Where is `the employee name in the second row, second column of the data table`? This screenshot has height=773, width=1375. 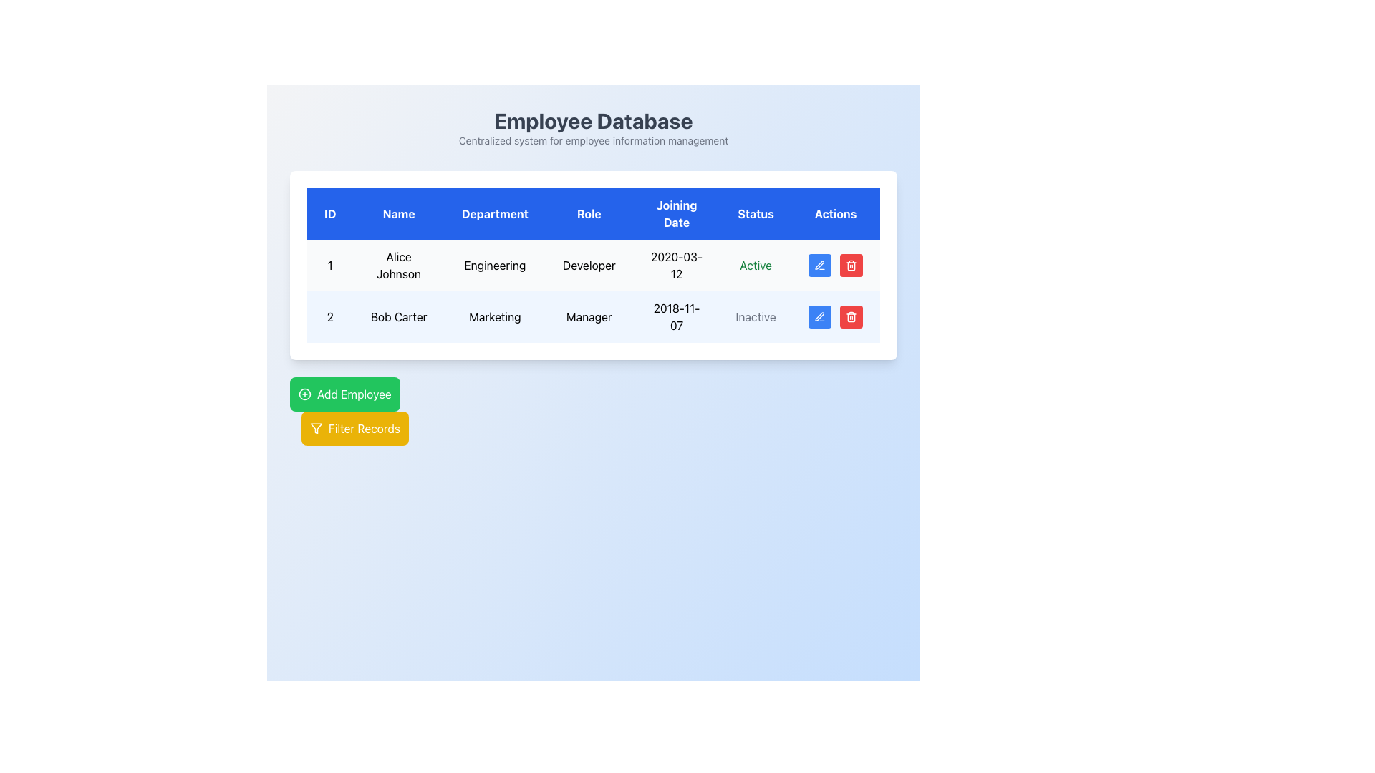 the employee name in the second row, second column of the data table is located at coordinates (398, 316).